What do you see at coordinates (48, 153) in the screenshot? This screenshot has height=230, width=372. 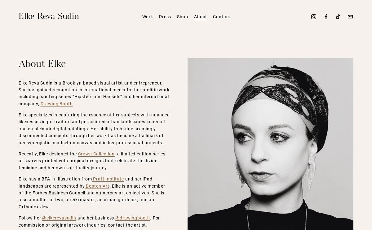 I see `'Recently, Elke designed the'` at bounding box center [48, 153].